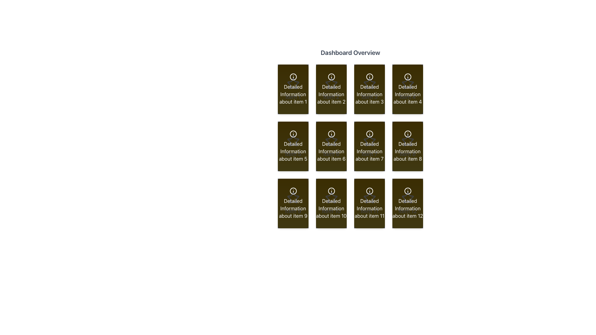 Image resolution: width=596 pixels, height=335 pixels. I want to click on the fourth card in the second row of the grid, which has a gradient background from yellow to orange and contains an information icon with the text 'Item 8' and 'Detailed Information about item 8', so click(408, 146).